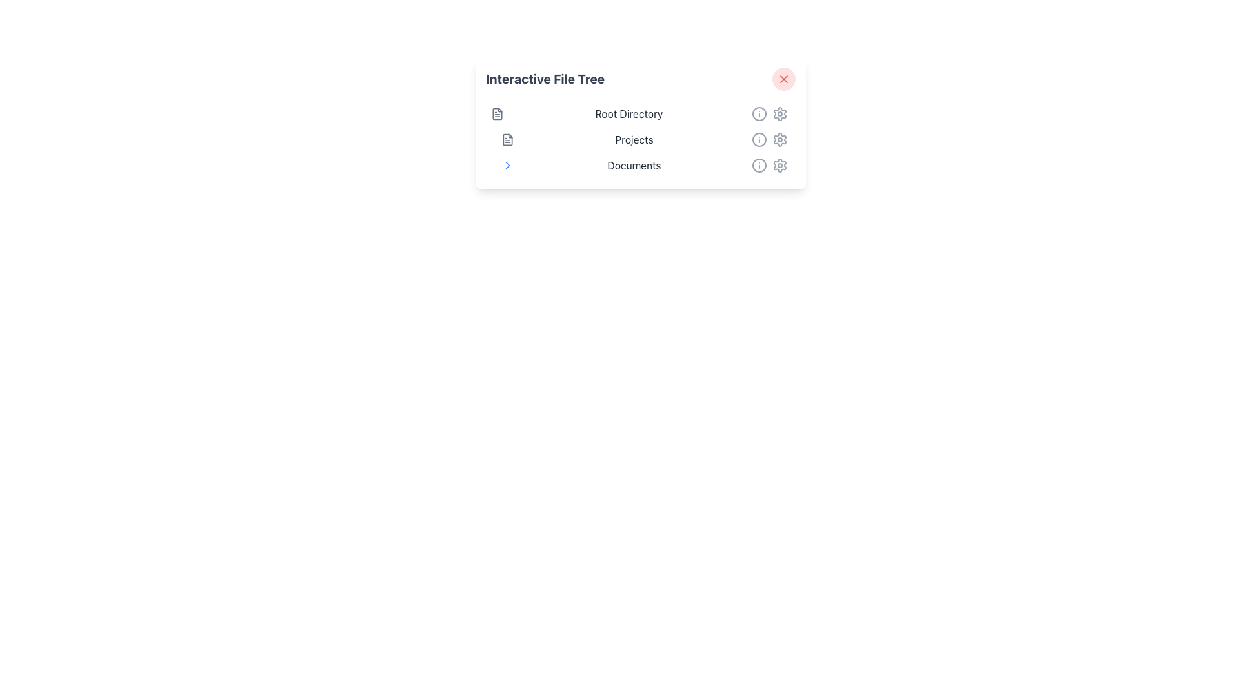 Image resolution: width=1239 pixels, height=696 pixels. What do you see at coordinates (780, 139) in the screenshot?
I see `the Icon Button located at the rightmost position within the 'Projects' row, which provides access to settings or configurations related to 'Projects'` at bounding box center [780, 139].